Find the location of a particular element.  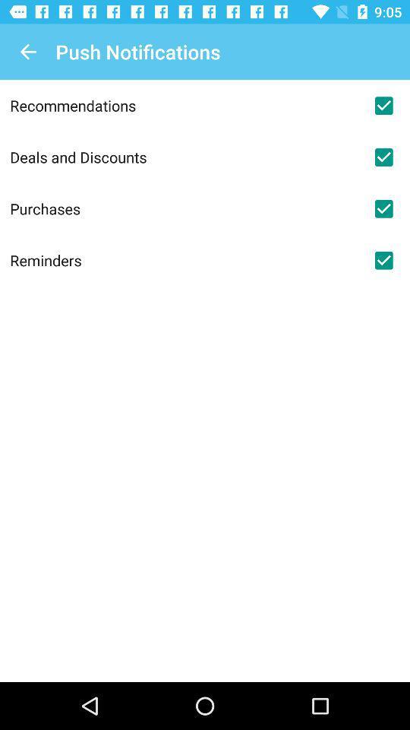

deals and discounts is located at coordinates (383, 157).